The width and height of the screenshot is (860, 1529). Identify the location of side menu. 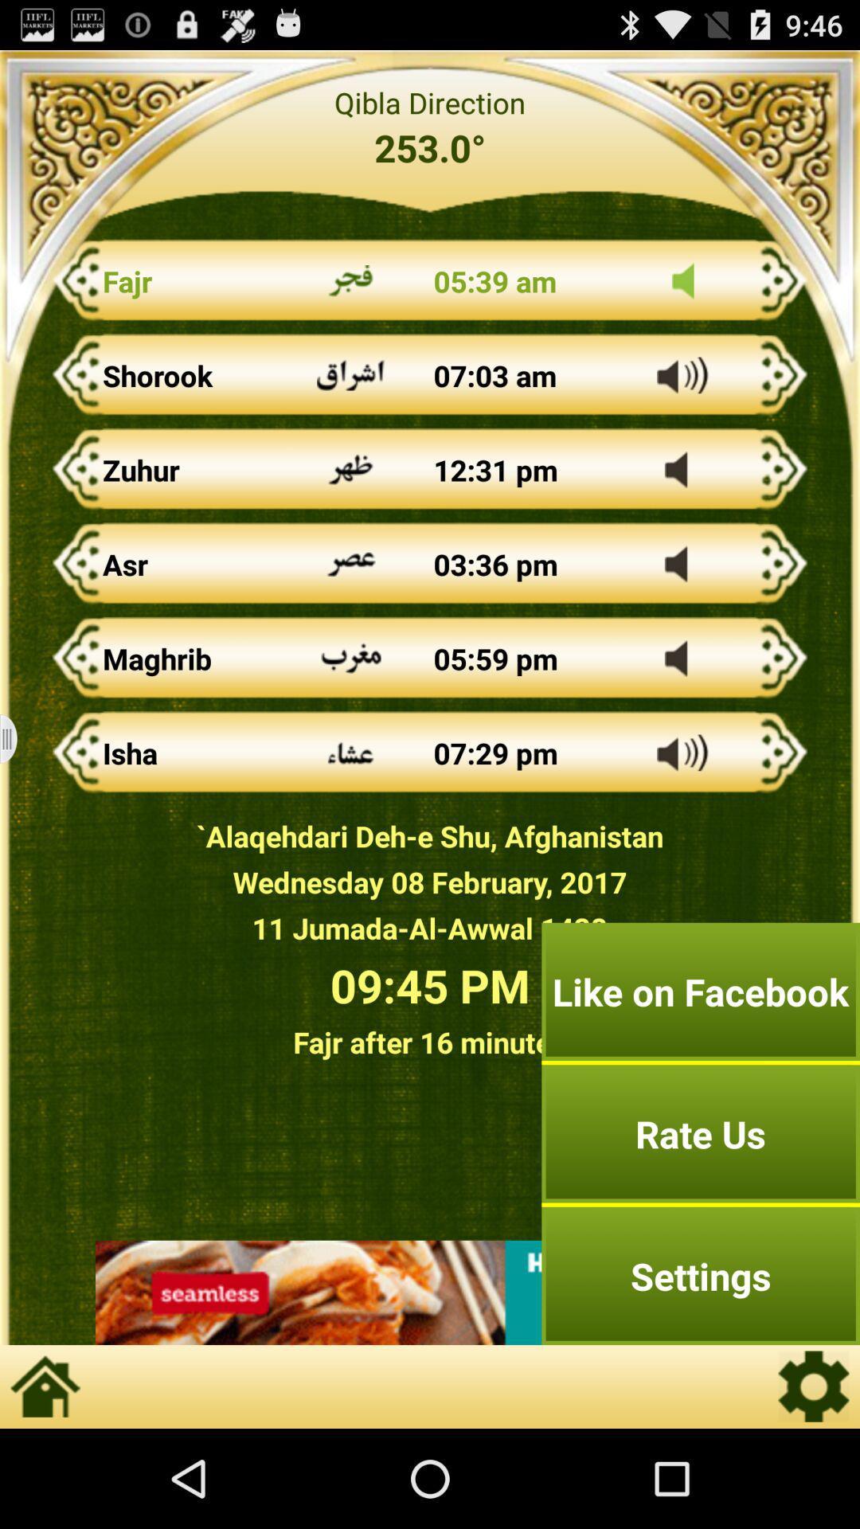
(18, 738).